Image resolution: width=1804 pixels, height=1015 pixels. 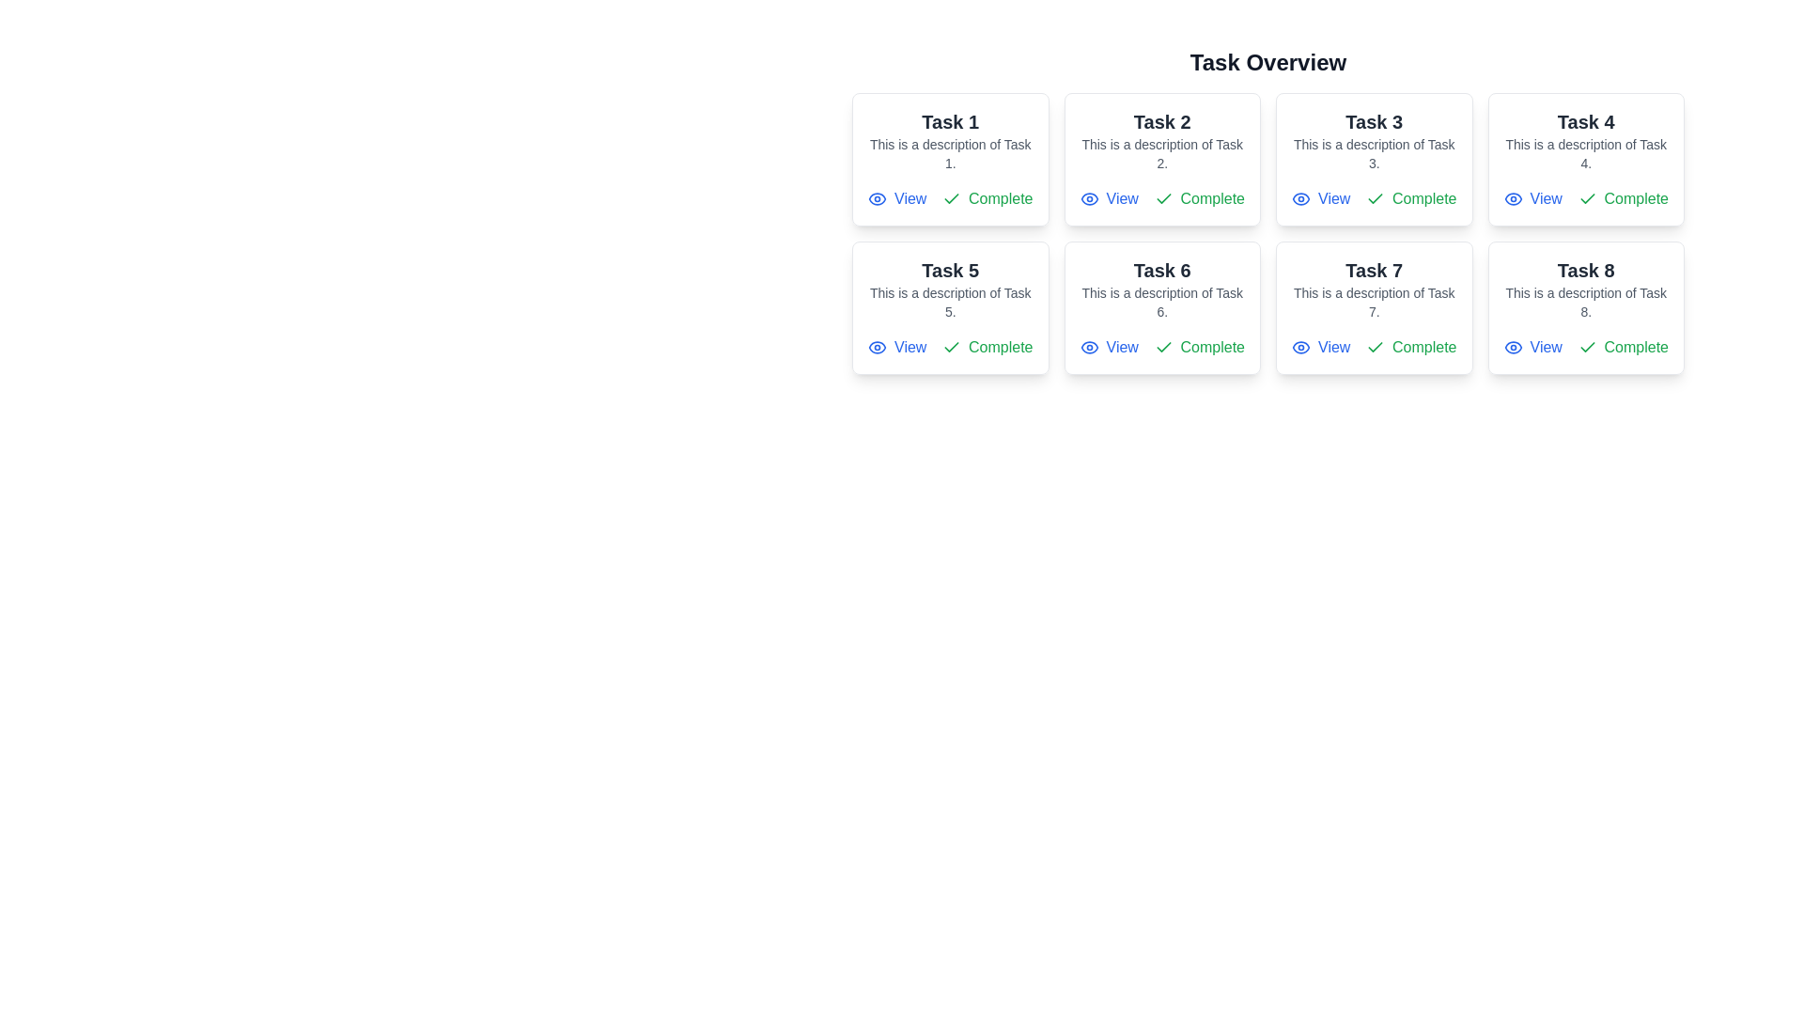 I want to click on the eye icon located adjacent to the 'View' text label in the Task 3 card, so click(x=1300, y=199).